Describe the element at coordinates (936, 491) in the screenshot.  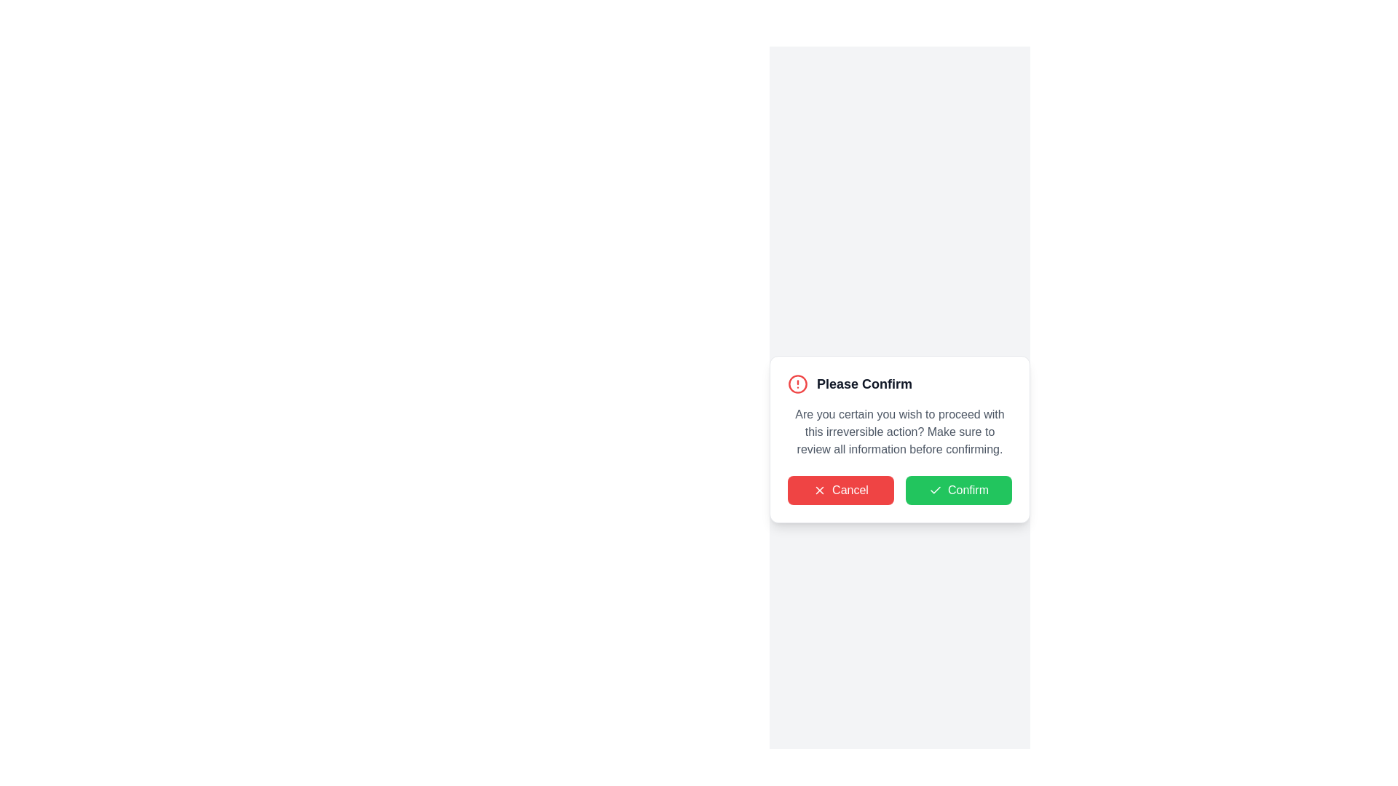
I see `the small check icon with a green background located to the left of the 'Confirm' text within the 'Confirm' button` at that location.